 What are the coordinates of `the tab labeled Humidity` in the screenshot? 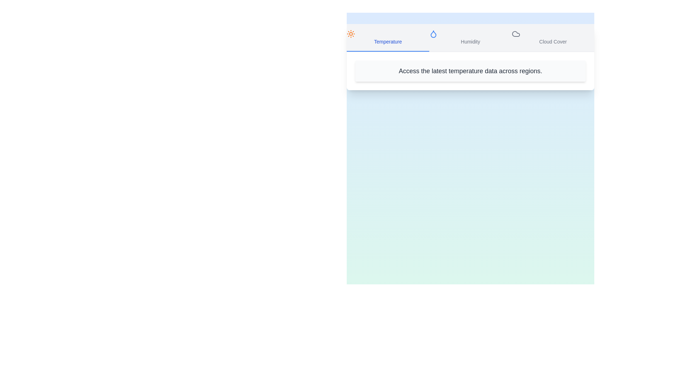 It's located at (470, 38).